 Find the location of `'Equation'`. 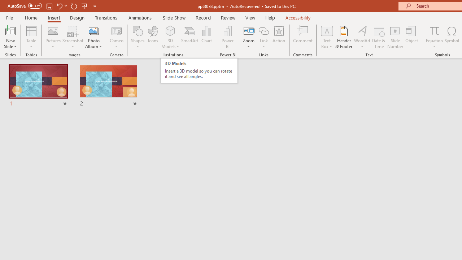

'Equation' is located at coordinates (434, 37).